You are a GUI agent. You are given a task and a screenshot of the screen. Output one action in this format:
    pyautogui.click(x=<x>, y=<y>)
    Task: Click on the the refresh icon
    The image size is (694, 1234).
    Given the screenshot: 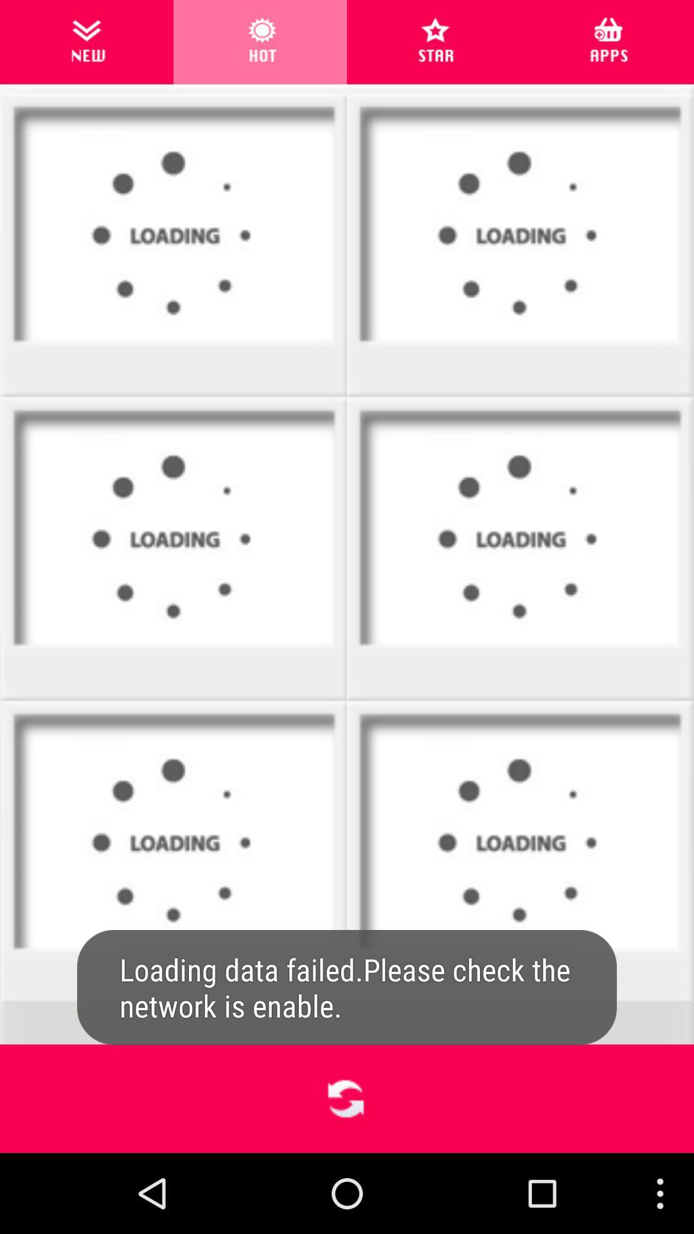 What is the action you would take?
    pyautogui.click(x=346, y=1176)
    